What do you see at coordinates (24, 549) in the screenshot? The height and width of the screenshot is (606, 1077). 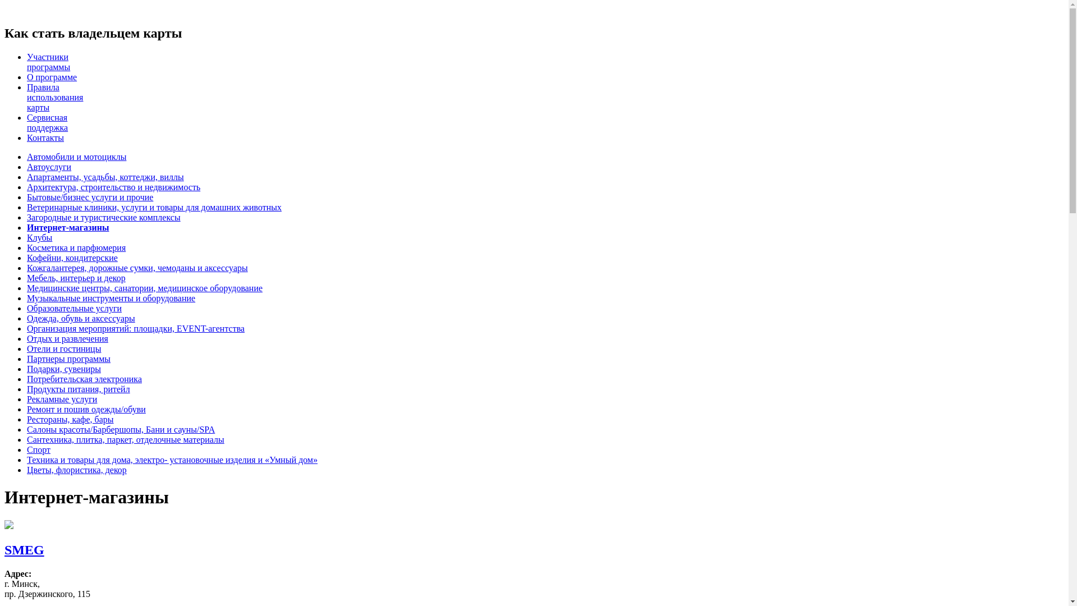 I see `'SMEG'` at bounding box center [24, 549].